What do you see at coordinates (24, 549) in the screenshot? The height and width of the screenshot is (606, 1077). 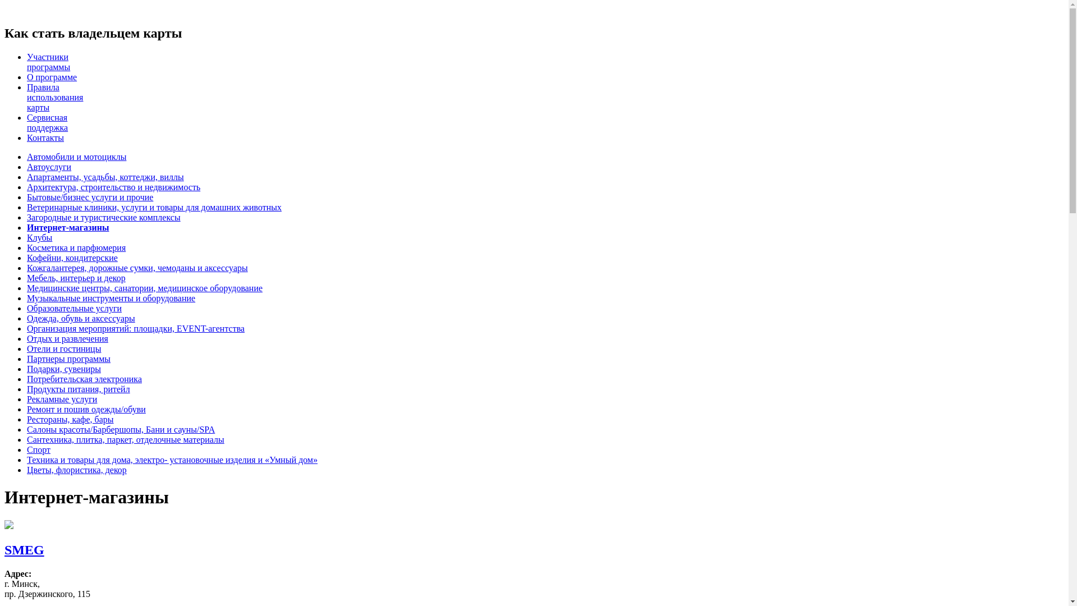 I see `'SMEG'` at bounding box center [24, 549].